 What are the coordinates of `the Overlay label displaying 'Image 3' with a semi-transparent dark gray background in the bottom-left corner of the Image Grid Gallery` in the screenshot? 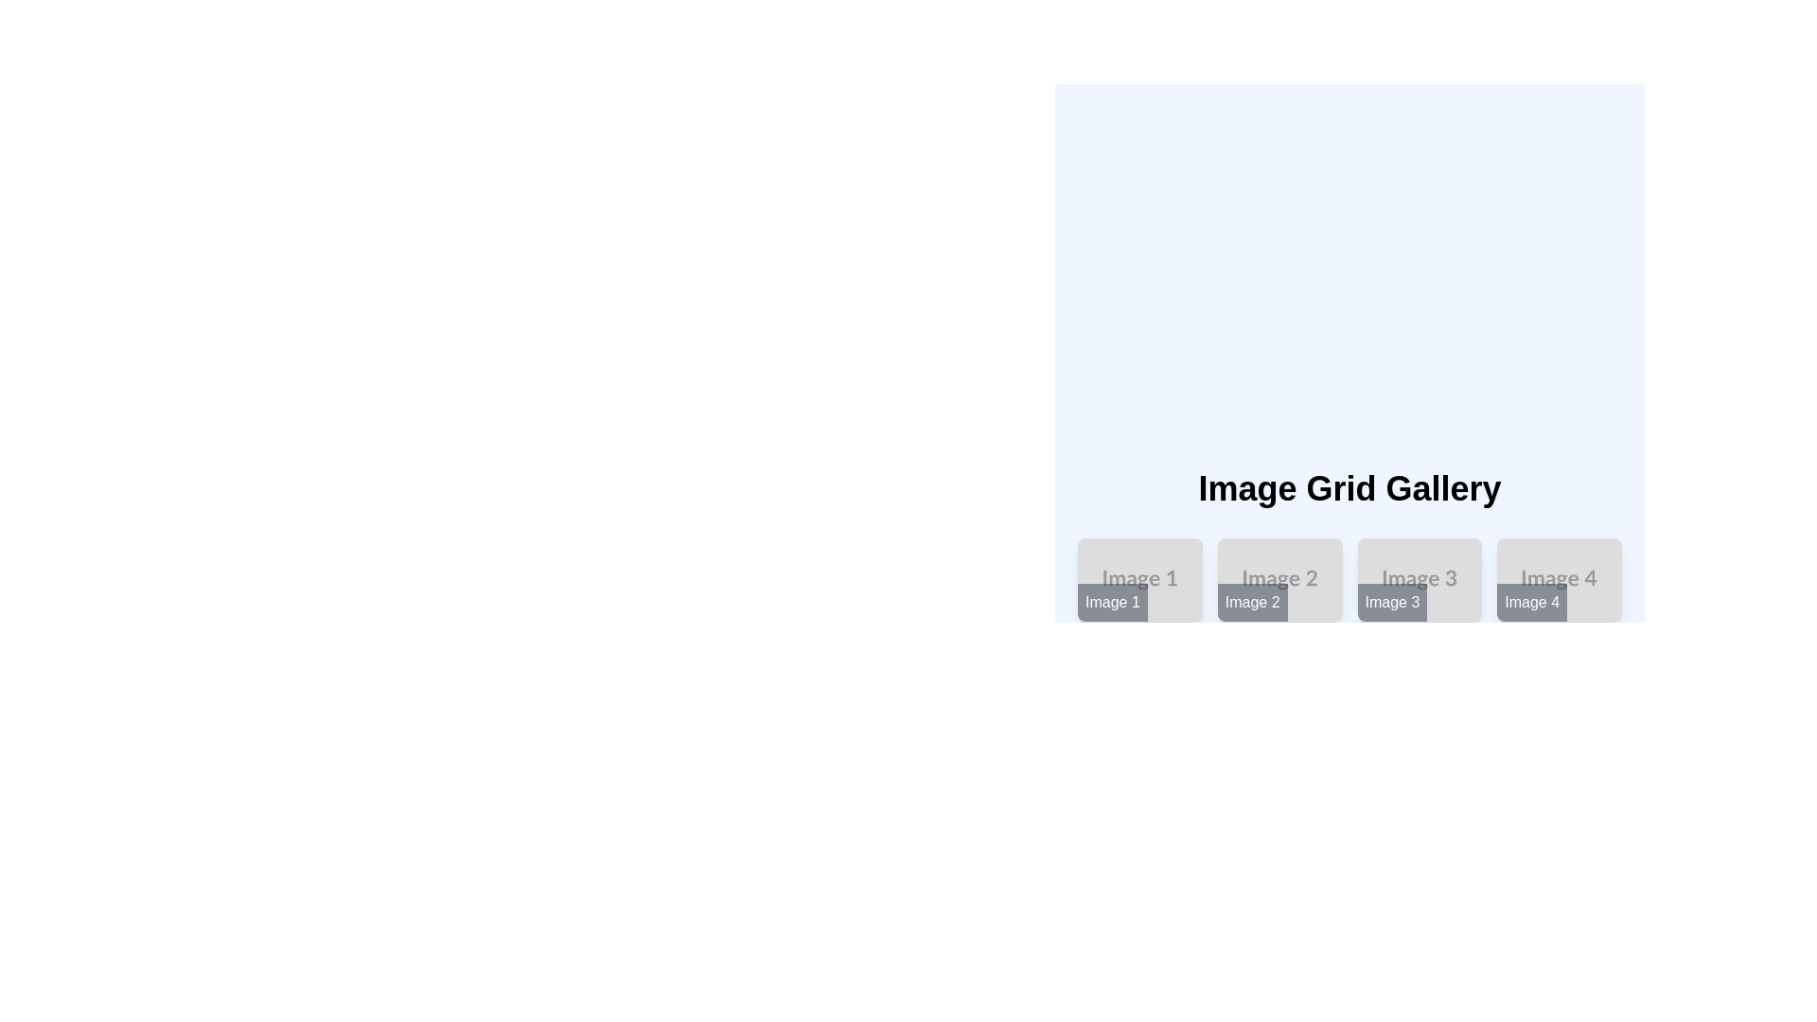 It's located at (1392, 602).